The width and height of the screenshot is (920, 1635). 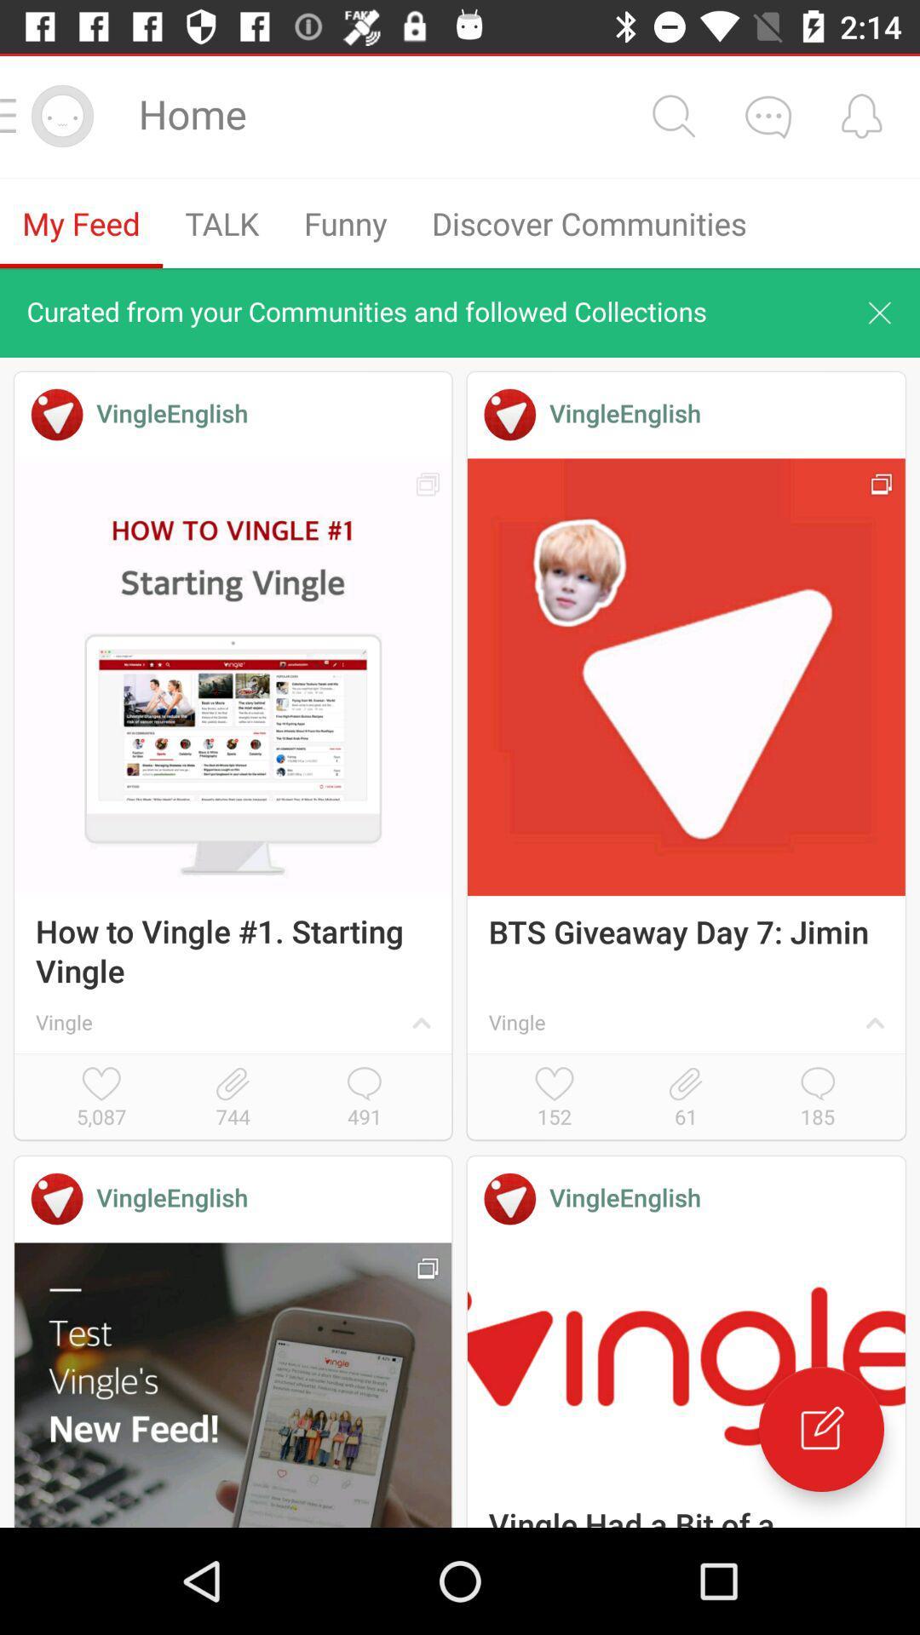 I want to click on write a comment, so click(x=820, y=1429).